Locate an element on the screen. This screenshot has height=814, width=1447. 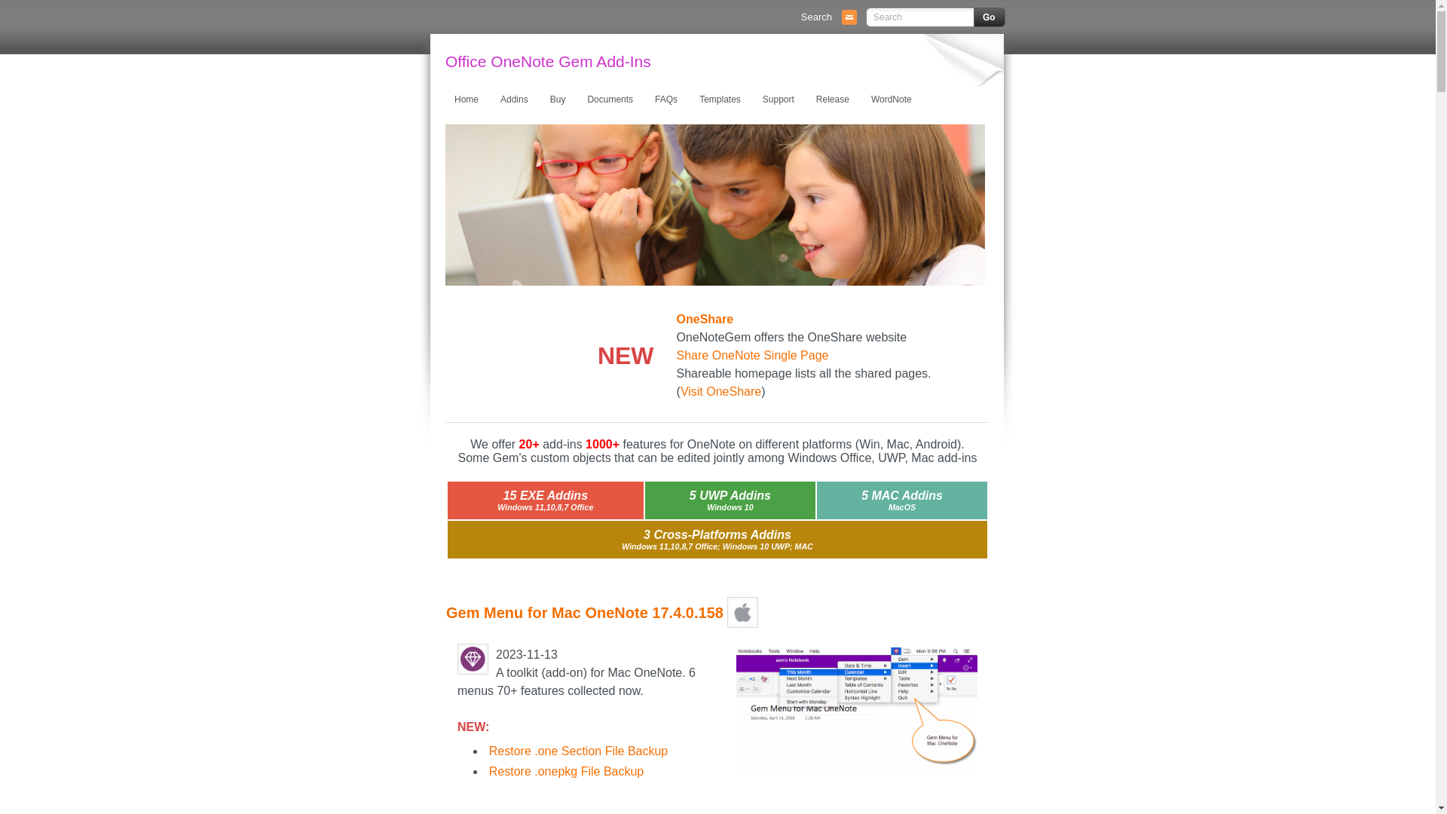
'Visit OneShare' is located at coordinates (720, 390).